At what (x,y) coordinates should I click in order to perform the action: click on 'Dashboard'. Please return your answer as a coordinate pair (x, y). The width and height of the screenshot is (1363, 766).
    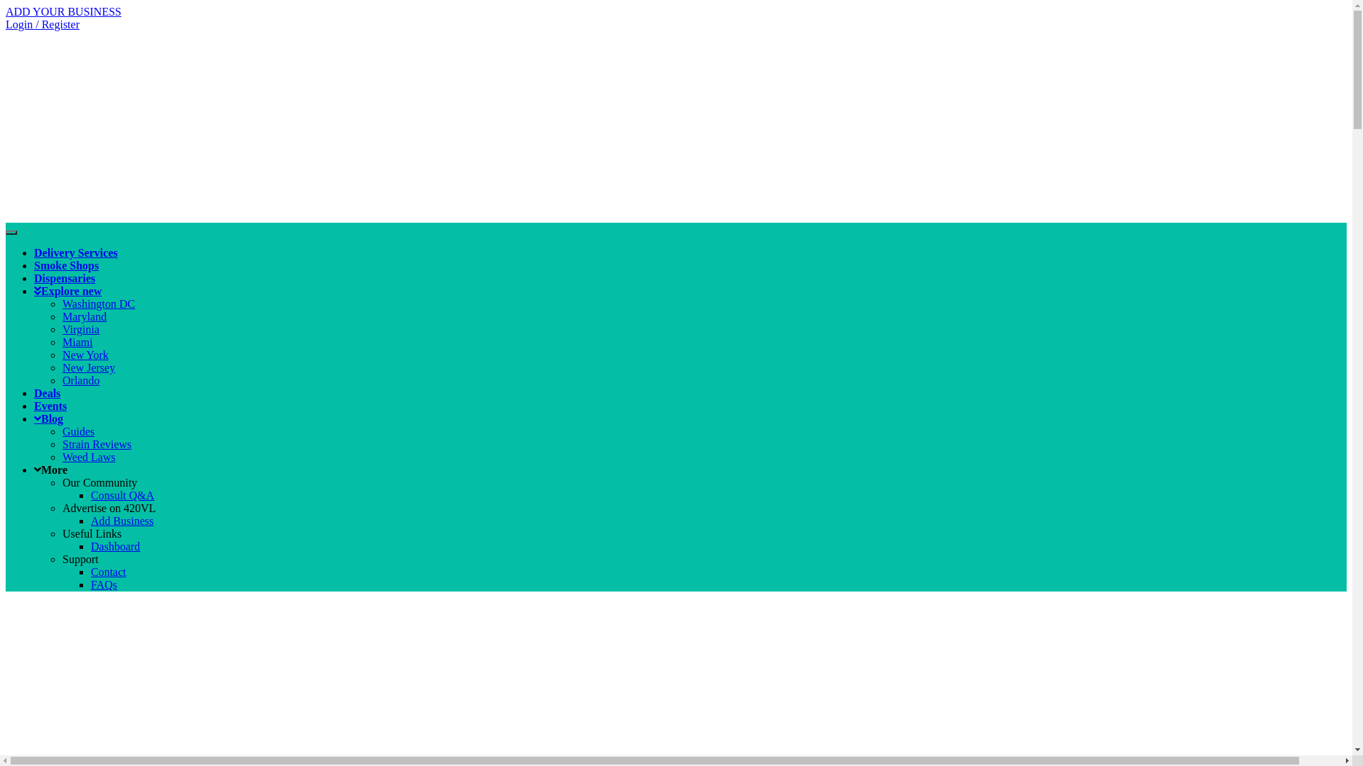
    Looking at the image, I should click on (115, 545).